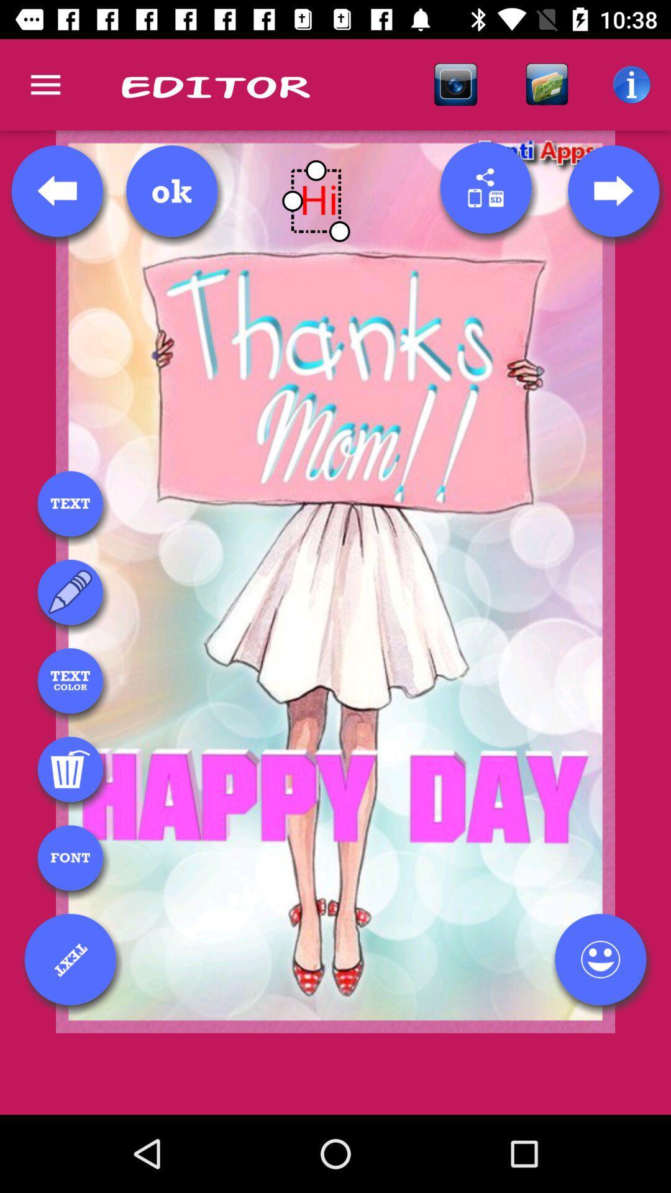 This screenshot has height=1193, width=671. What do you see at coordinates (70, 857) in the screenshot?
I see `font type` at bounding box center [70, 857].